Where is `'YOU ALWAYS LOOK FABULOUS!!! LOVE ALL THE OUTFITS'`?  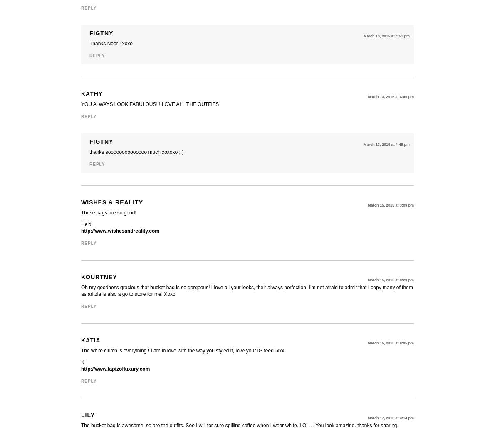
'YOU ALWAYS LOOK FABULOUS!!! LOVE ALL THE OUTFITS' is located at coordinates (149, 104).